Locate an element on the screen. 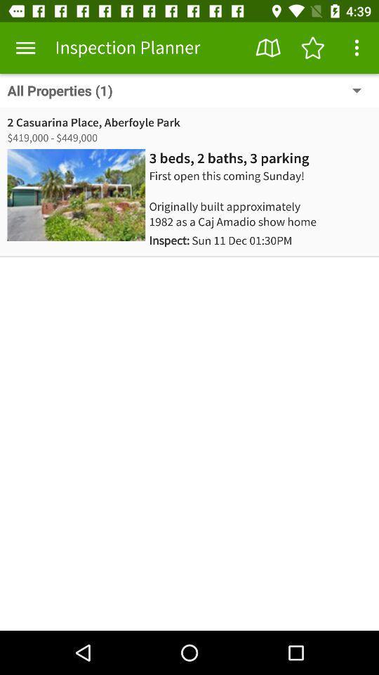 Image resolution: width=379 pixels, height=675 pixels. the item next to the inspection planner app is located at coordinates (25, 48).